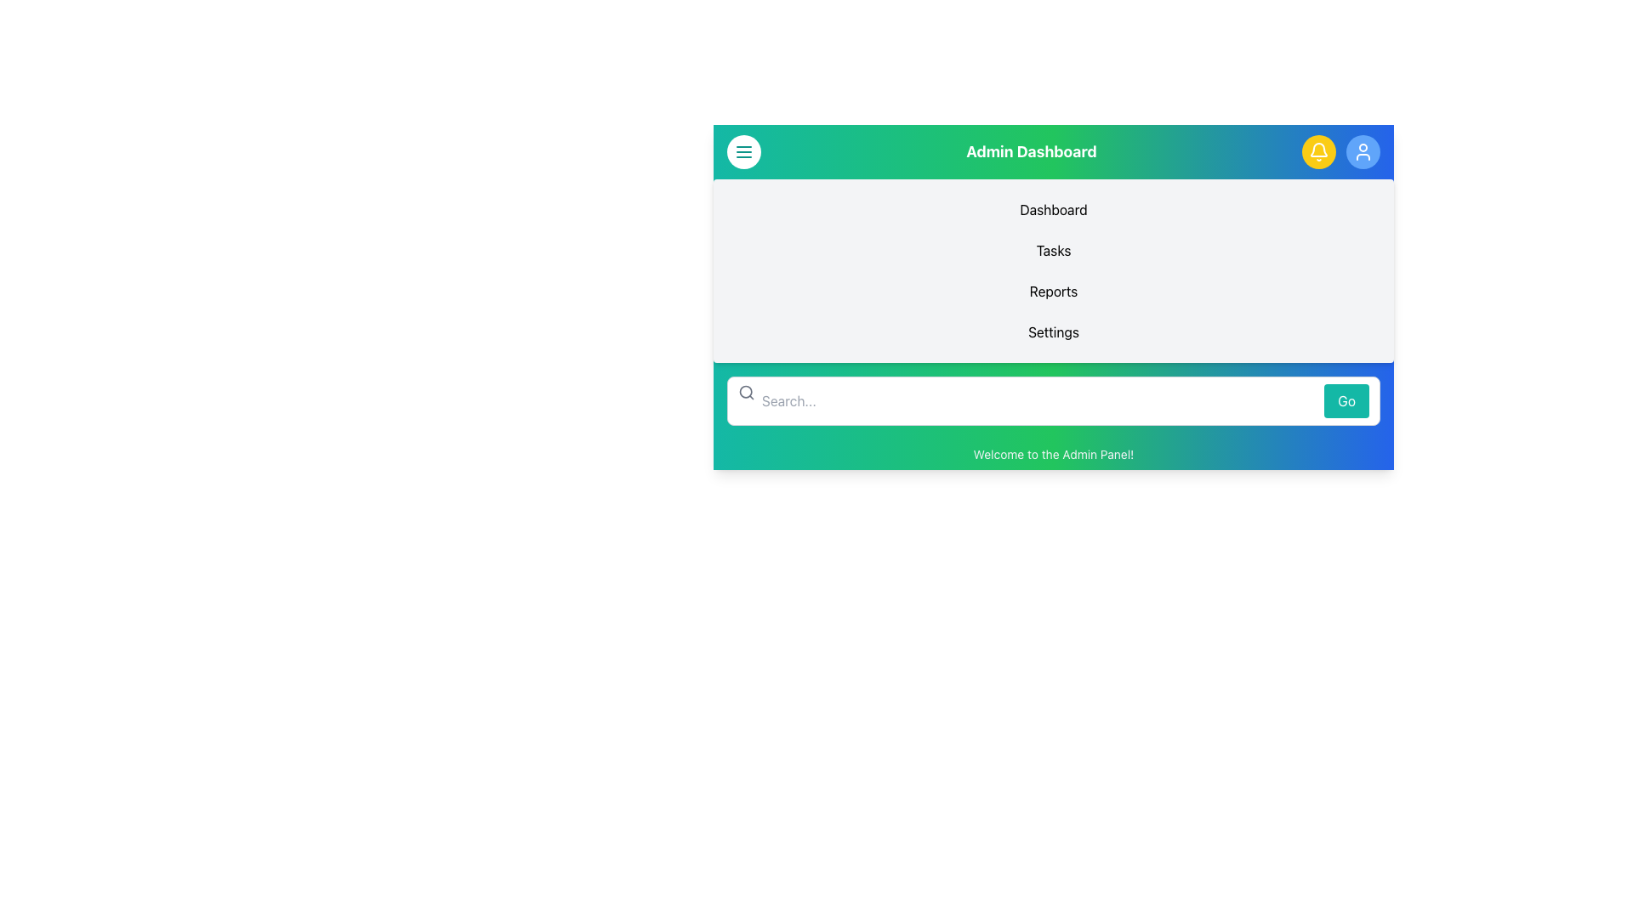 The image size is (1633, 918). I want to click on the circular button with a white background and teal-colored horizontal lines, located at the top left corner next to the 'Admin Dashboard' text, so click(743, 150).